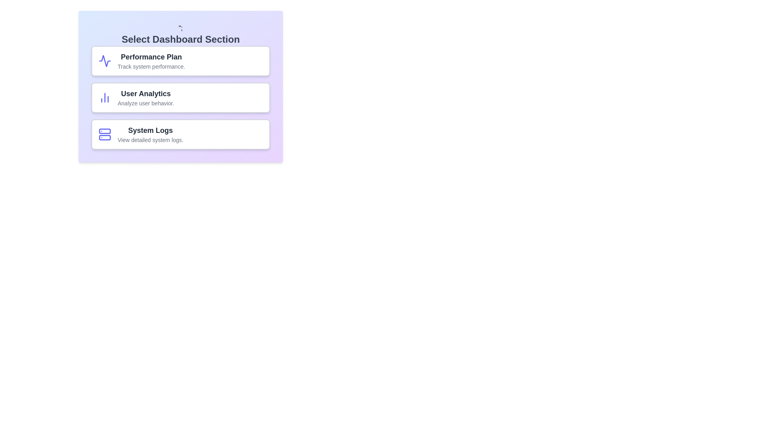 Image resolution: width=766 pixels, height=431 pixels. What do you see at coordinates (180, 61) in the screenshot?
I see `the chip labeled 'Performance Plan'` at bounding box center [180, 61].